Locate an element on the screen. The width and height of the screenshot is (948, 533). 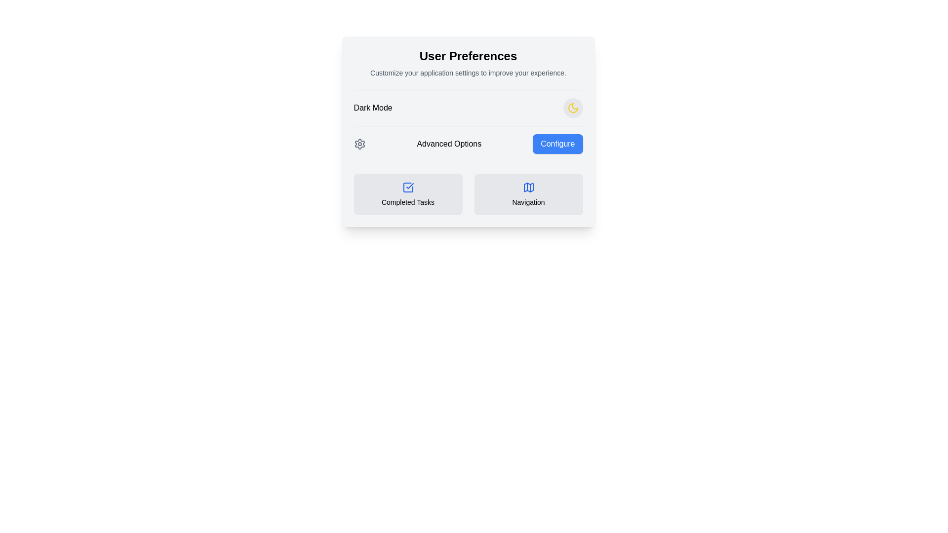
text from the Section Header that contains the bold title 'User Preferences' and the description 'Customize your application settings to improve your experience.' is located at coordinates (468, 63).